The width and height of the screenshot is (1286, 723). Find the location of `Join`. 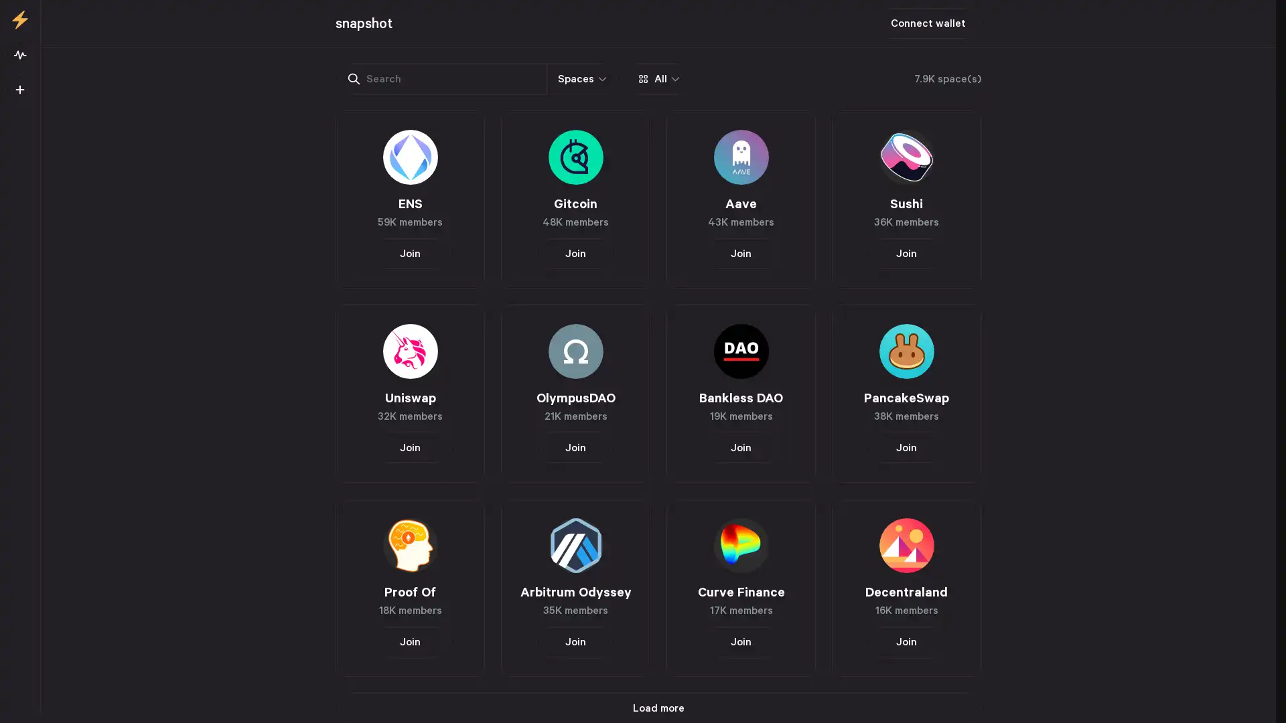

Join is located at coordinates (575, 447).